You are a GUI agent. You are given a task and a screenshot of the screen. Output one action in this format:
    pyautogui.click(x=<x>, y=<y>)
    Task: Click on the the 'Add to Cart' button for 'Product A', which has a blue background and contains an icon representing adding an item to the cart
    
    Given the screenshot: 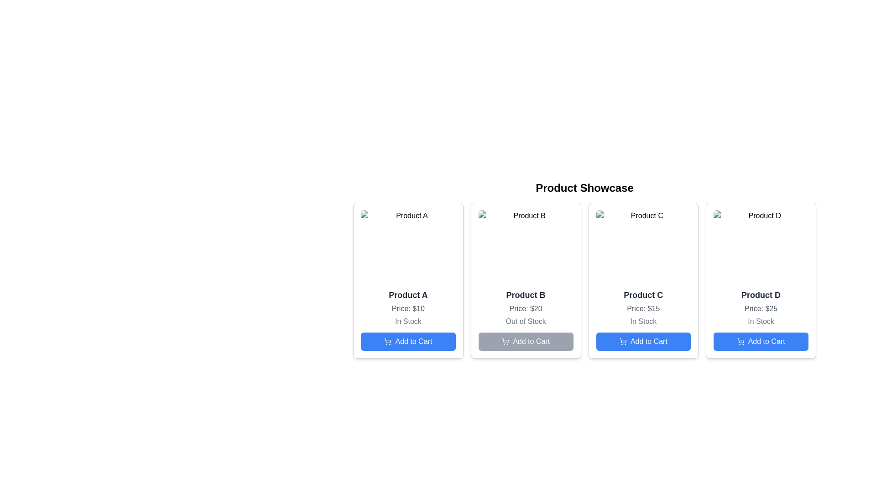 What is the action you would take?
    pyautogui.click(x=388, y=341)
    